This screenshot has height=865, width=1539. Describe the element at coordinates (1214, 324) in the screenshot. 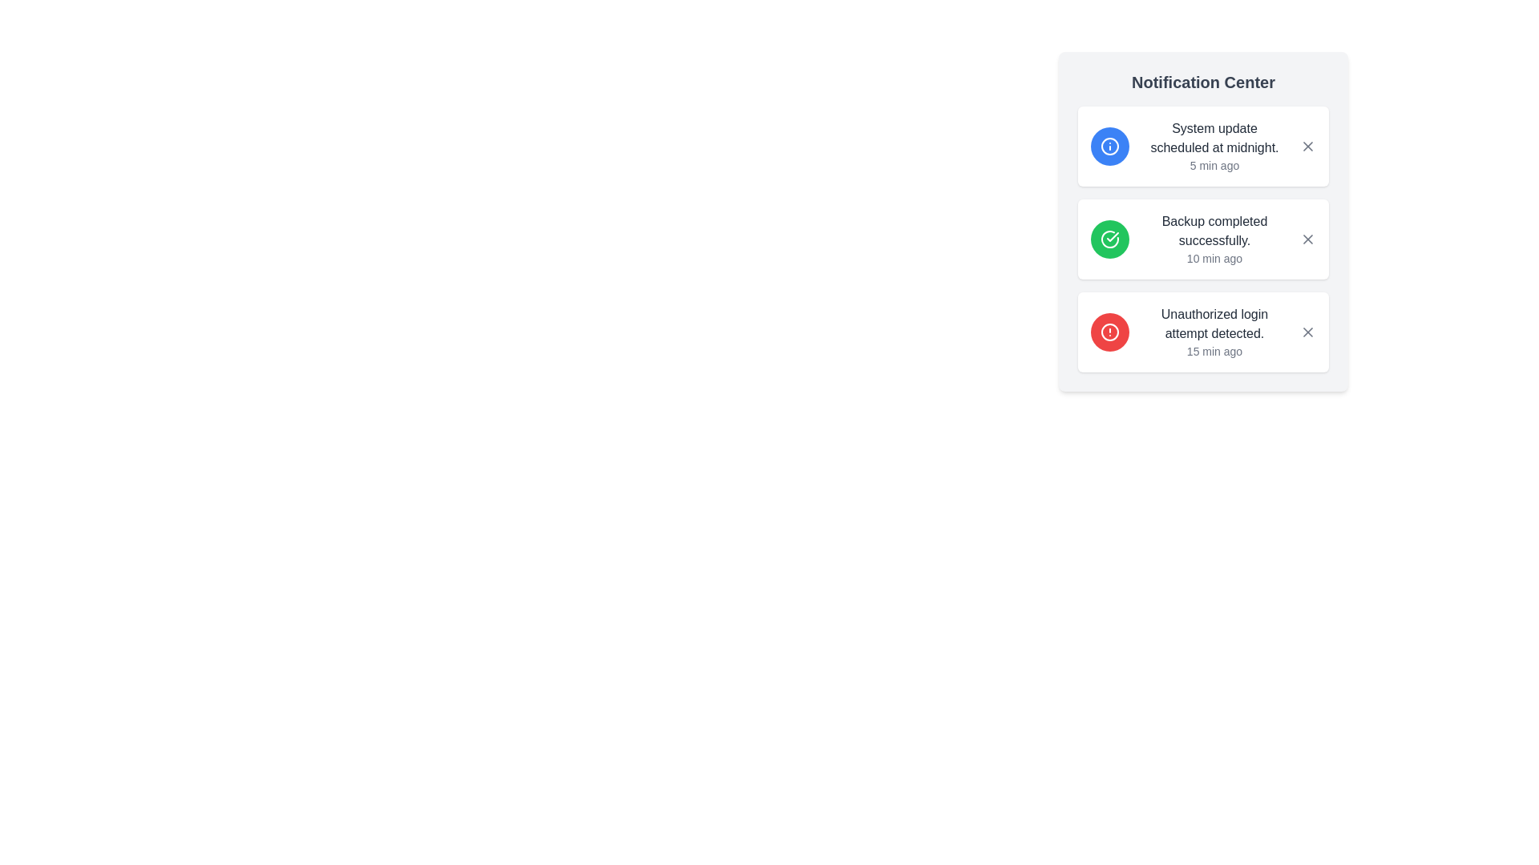

I see `text label that displays 'Unauthorized login attempt detected.' located in the notification list at the bottommost item` at that location.